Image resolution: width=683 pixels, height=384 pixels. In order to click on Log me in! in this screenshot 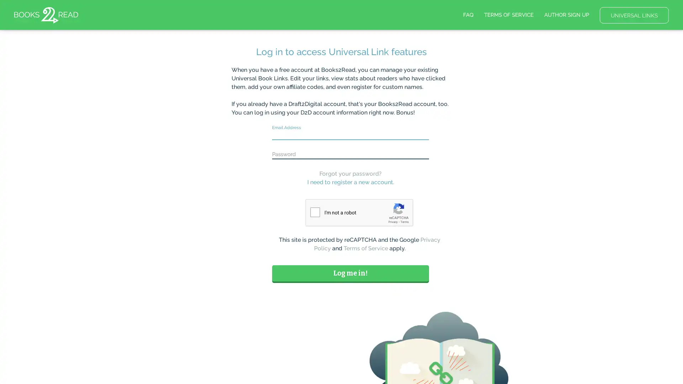, I will do `click(350, 273)`.